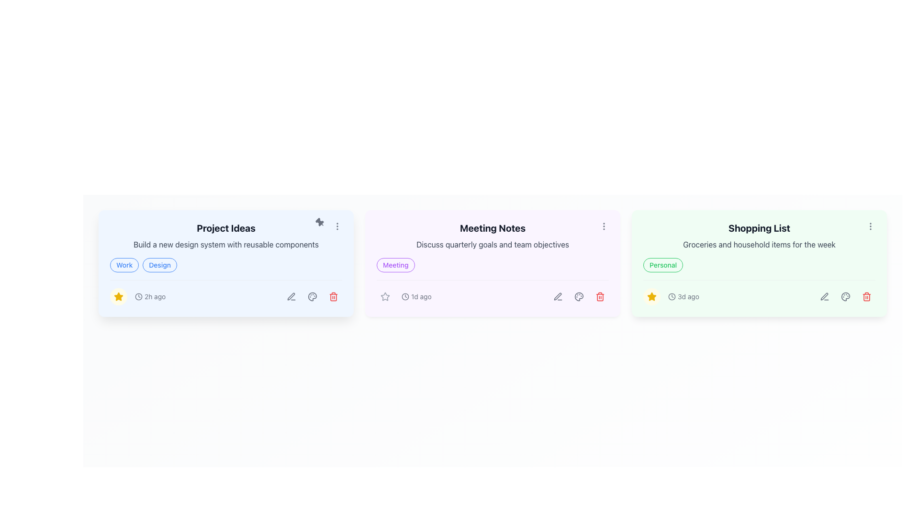 The image size is (919, 517). I want to click on the Star Icon located in the bottom left section of the 'Project Ideas' card, so click(651, 296).